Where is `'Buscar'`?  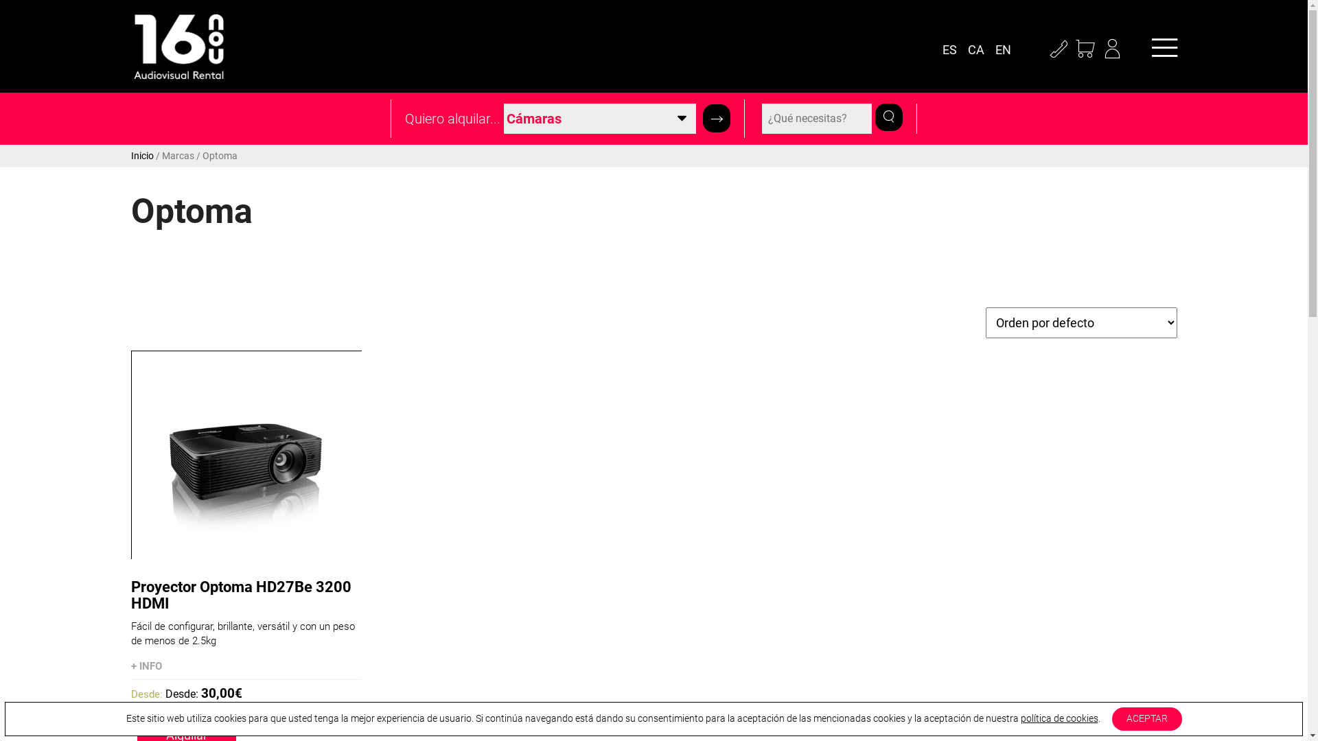 'Buscar' is located at coordinates (889, 115).